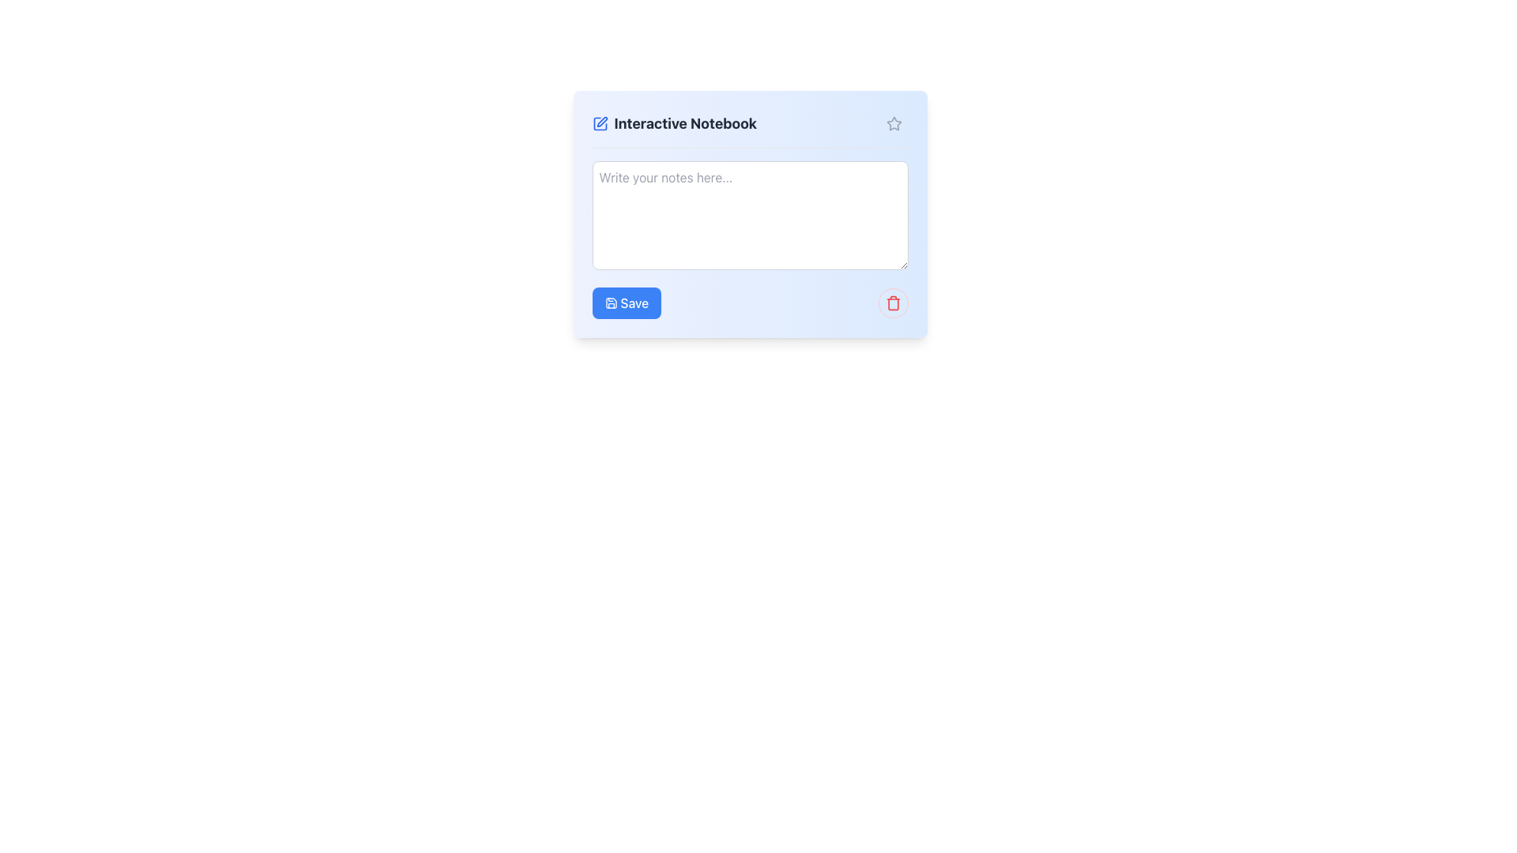 This screenshot has width=1517, height=853. What do you see at coordinates (893, 303) in the screenshot?
I see `the delete button located at the bottom-right corner of the blue panel, adjacent to the 'Save' button` at bounding box center [893, 303].